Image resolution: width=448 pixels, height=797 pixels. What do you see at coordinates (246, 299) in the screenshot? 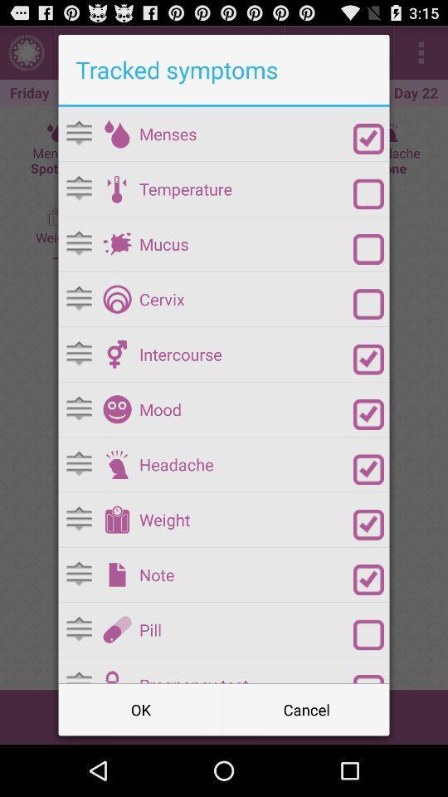
I see `the cervix icon` at bounding box center [246, 299].